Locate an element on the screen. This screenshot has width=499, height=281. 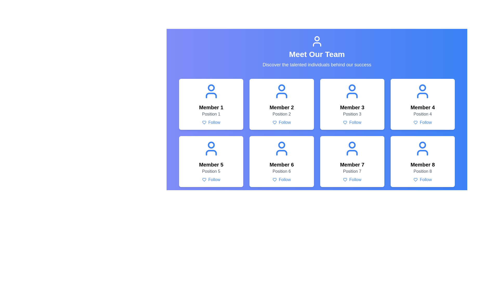
the text label that provides contextual information for the member described in the card, located below 'Member 8' and above the 'Follow' button is located at coordinates (423, 171).